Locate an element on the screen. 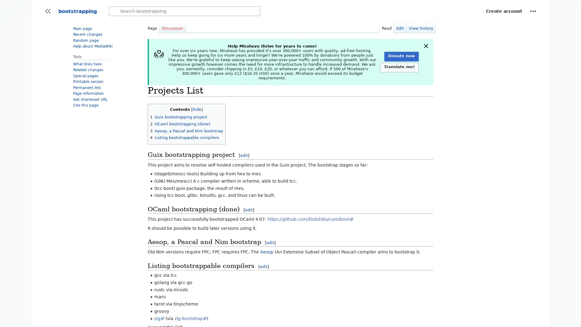  Search is located at coordinates (115, 11).